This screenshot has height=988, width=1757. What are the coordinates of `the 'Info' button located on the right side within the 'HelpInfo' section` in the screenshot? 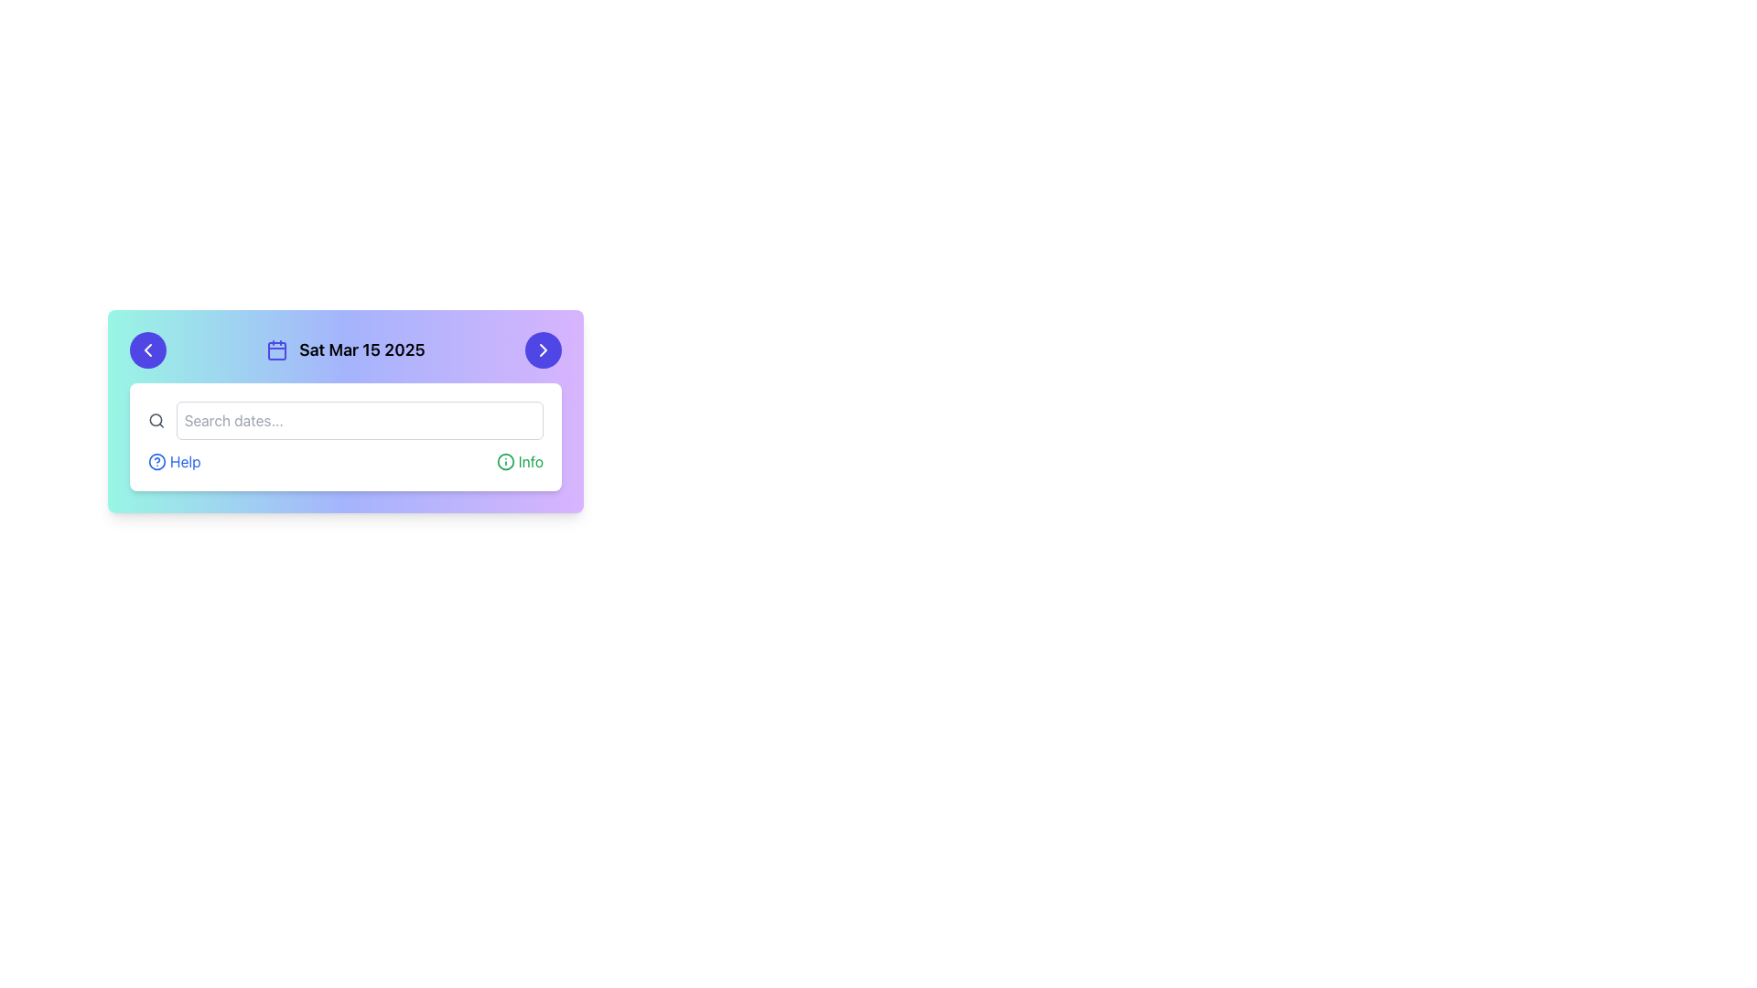 It's located at (519, 461).